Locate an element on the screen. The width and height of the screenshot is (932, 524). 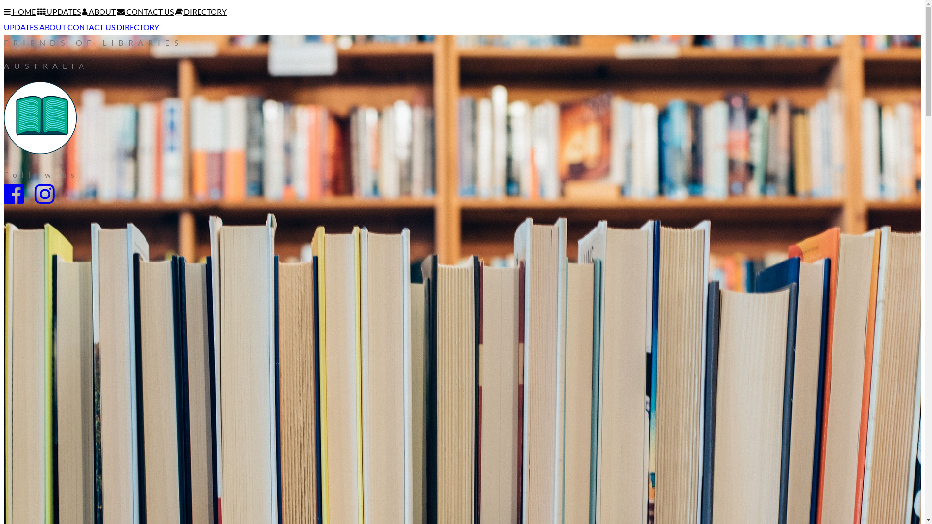
'DIRECTORY' is located at coordinates (137, 26).